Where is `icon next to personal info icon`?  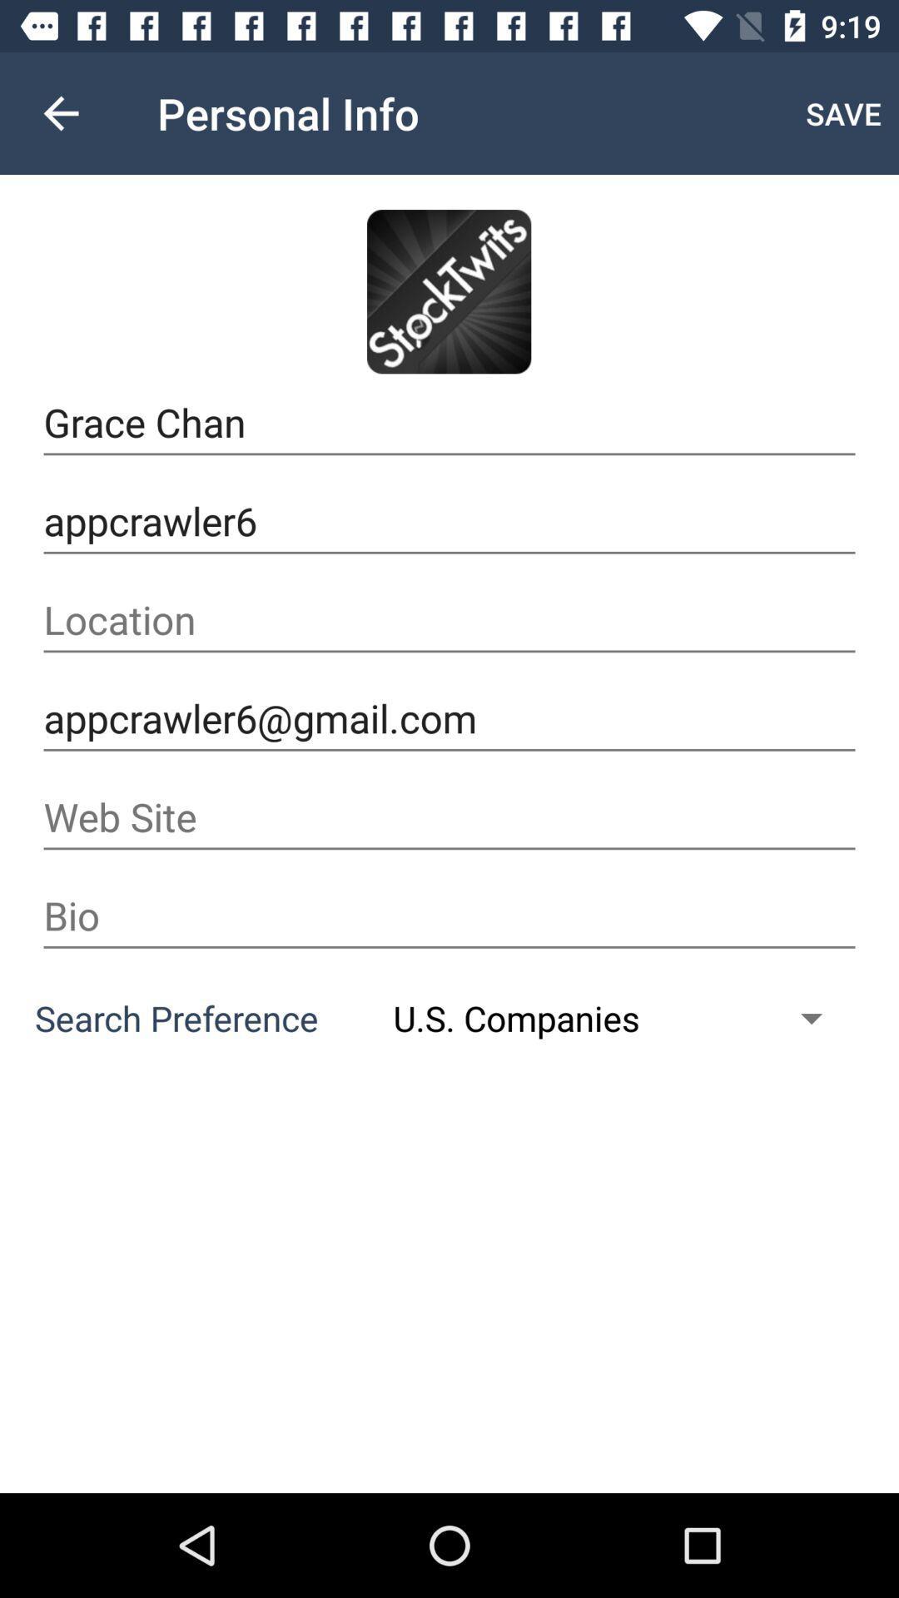 icon next to personal info icon is located at coordinates (60, 112).